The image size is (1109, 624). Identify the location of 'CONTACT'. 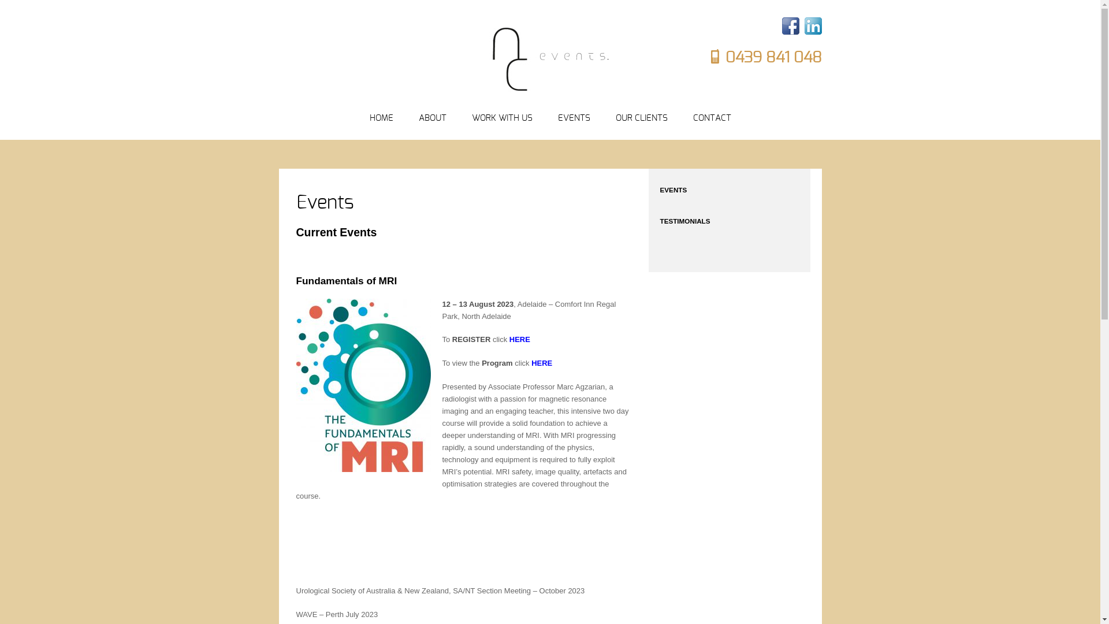
(712, 118).